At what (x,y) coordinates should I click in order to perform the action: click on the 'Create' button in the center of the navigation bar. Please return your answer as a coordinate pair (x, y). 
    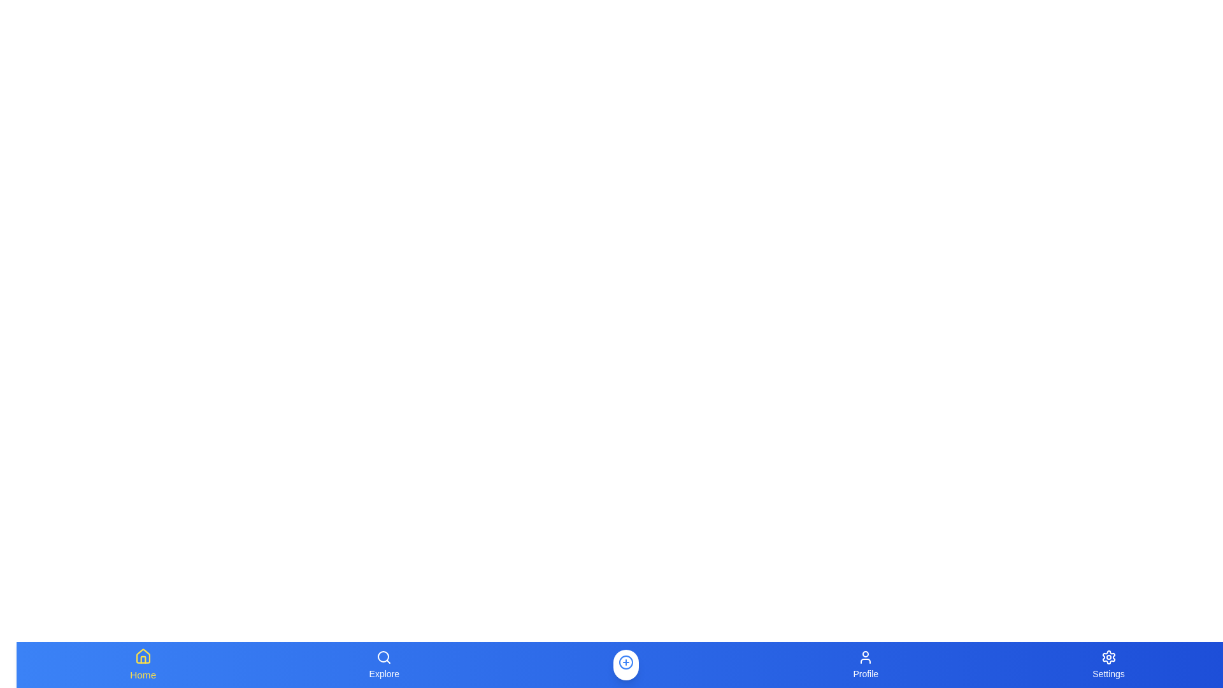
    Looking at the image, I should click on (626, 664).